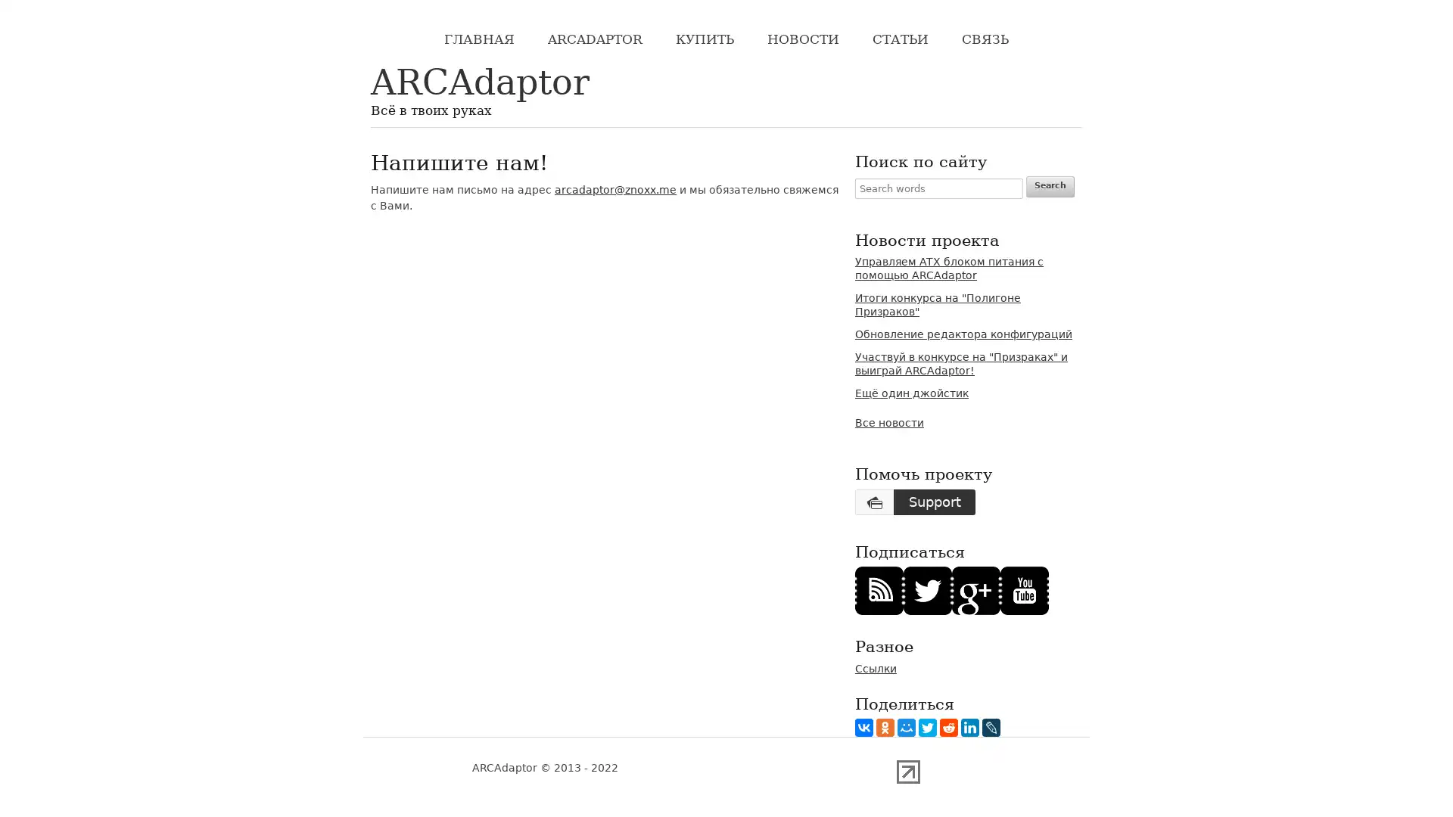 The width and height of the screenshot is (1453, 817). Describe the element at coordinates (1049, 185) in the screenshot. I see `Search` at that location.